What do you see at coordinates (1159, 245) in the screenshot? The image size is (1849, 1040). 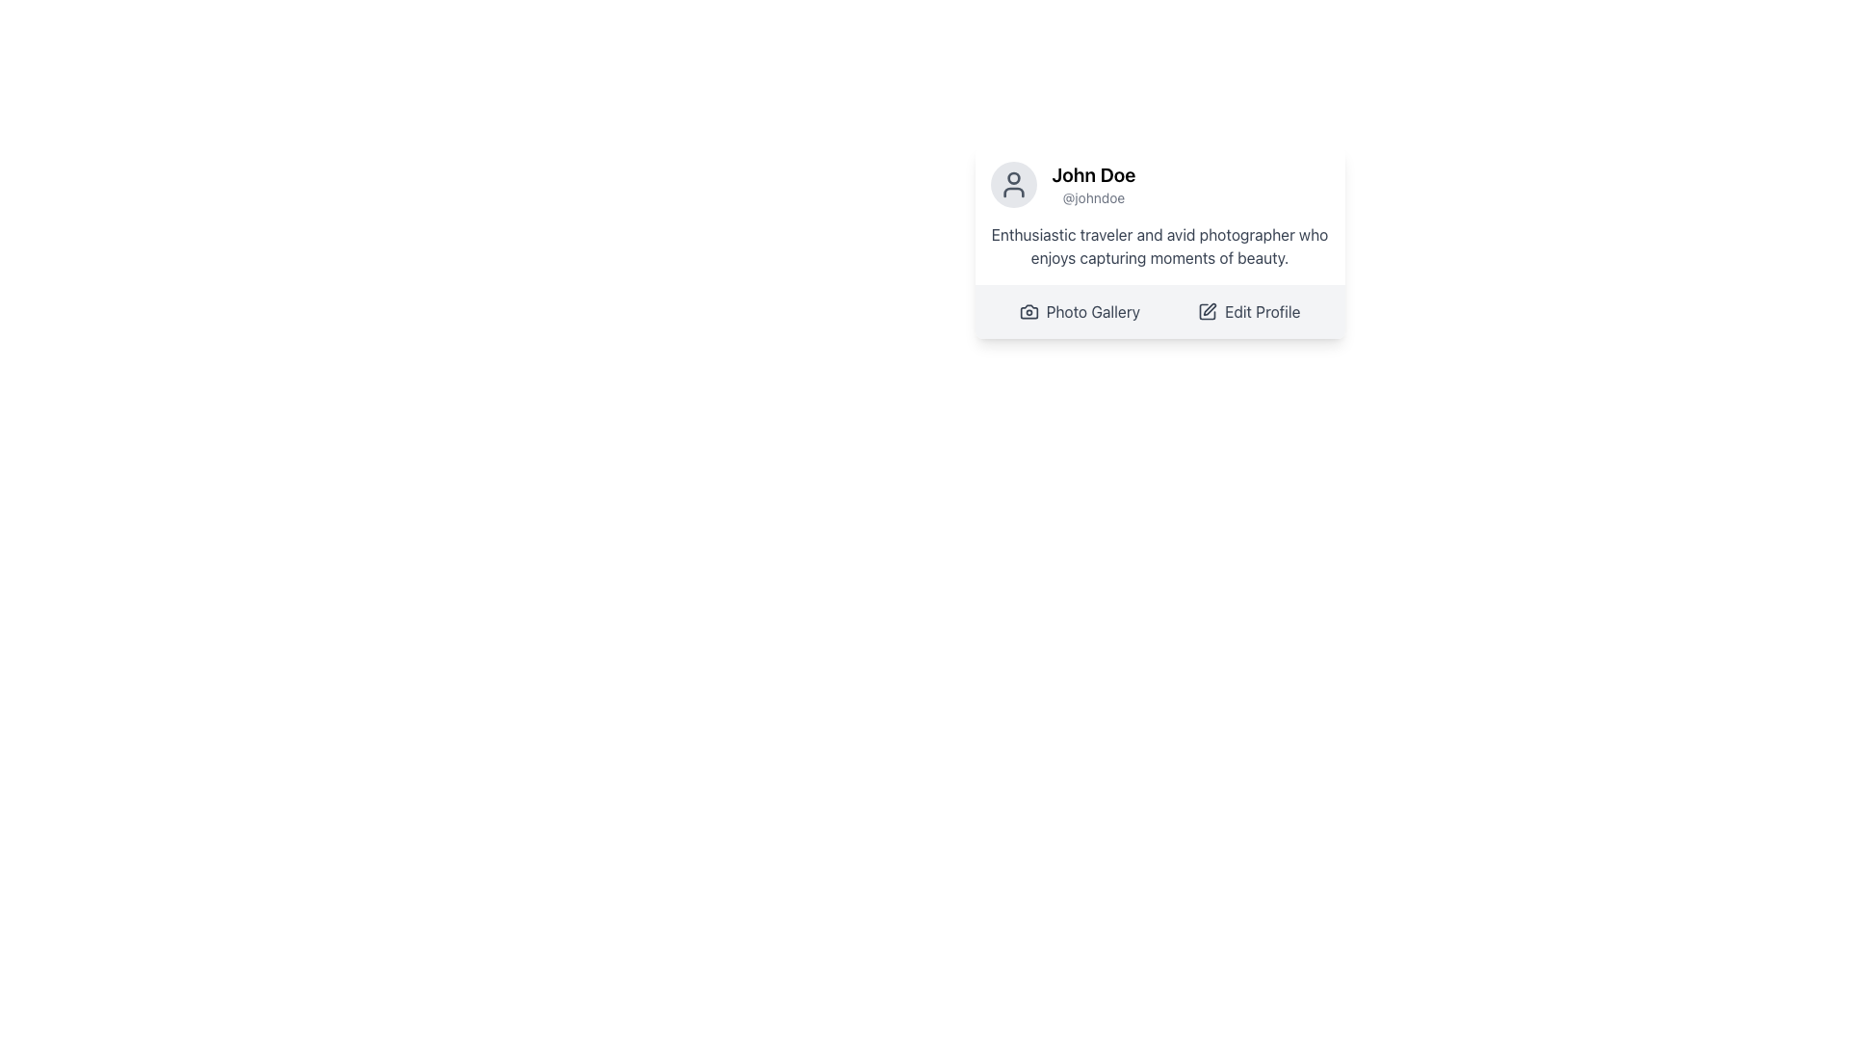 I see `text content displayed in the gray text block stating: 'Enthusiastic traveler and avid photographer who enjoys capturing moments of beauty.' This text is located below the profile name 'John Doe' and username '@johndoe' within the profile card layout` at bounding box center [1159, 245].